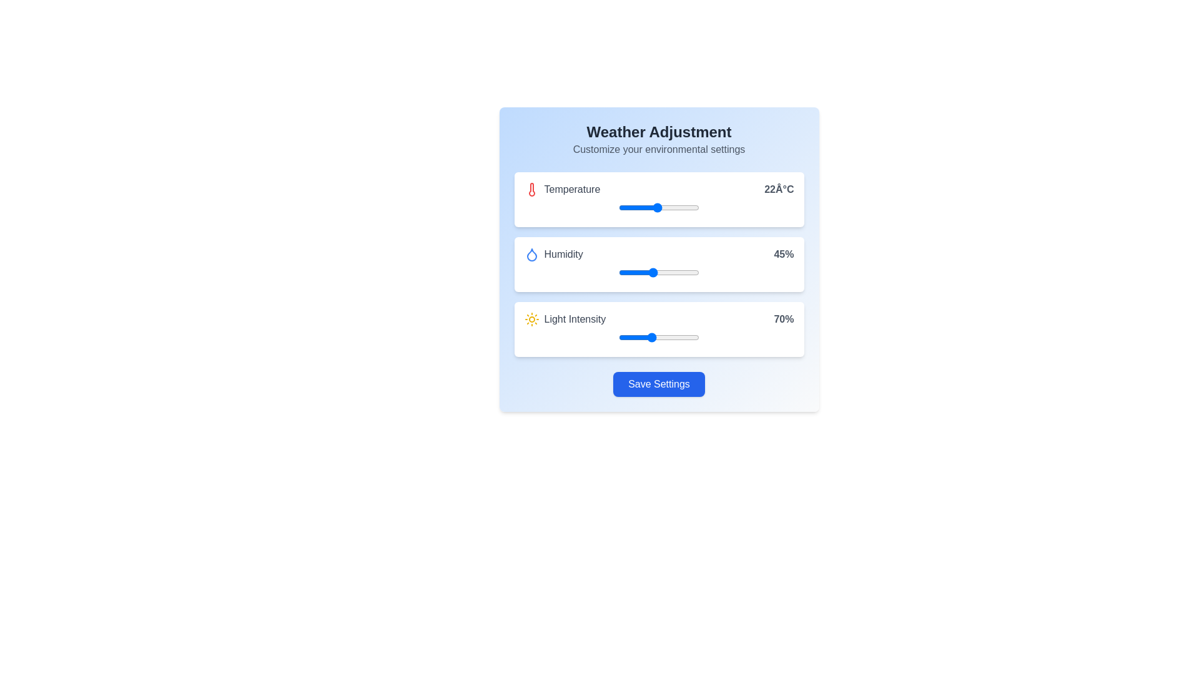  What do you see at coordinates (623, 337) in the screenshot?
I see `the light intensity` at bounding box center [623, 337].